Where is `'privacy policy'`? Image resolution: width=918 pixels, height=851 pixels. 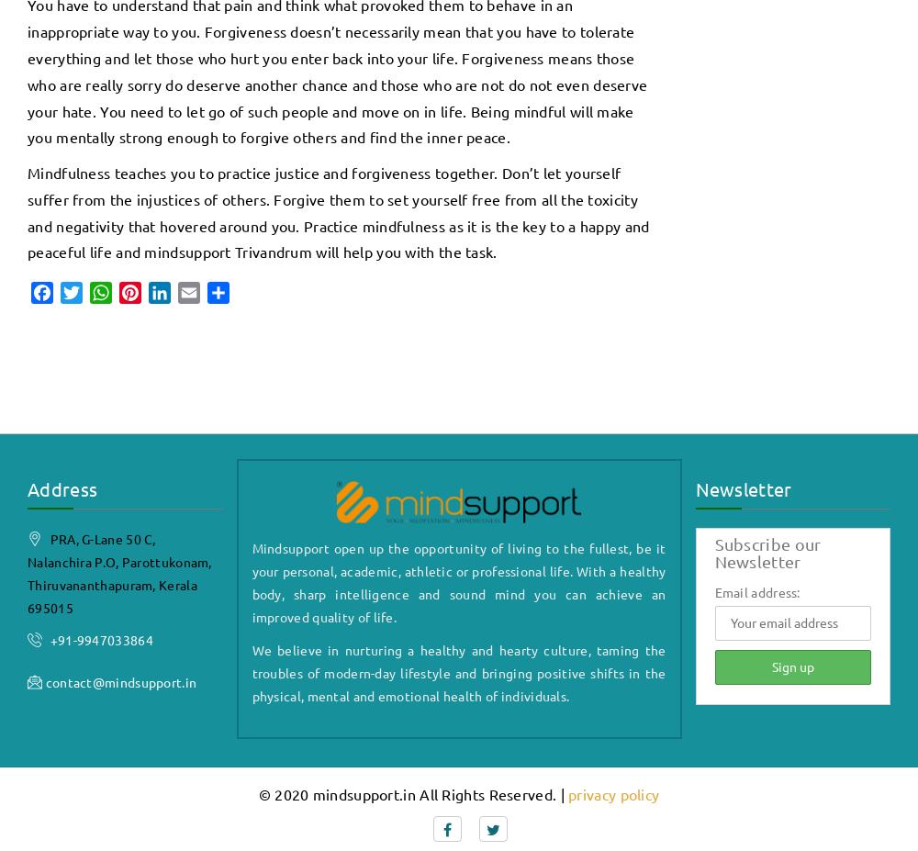
'privacy policy' is located at coordinates (567, 793).